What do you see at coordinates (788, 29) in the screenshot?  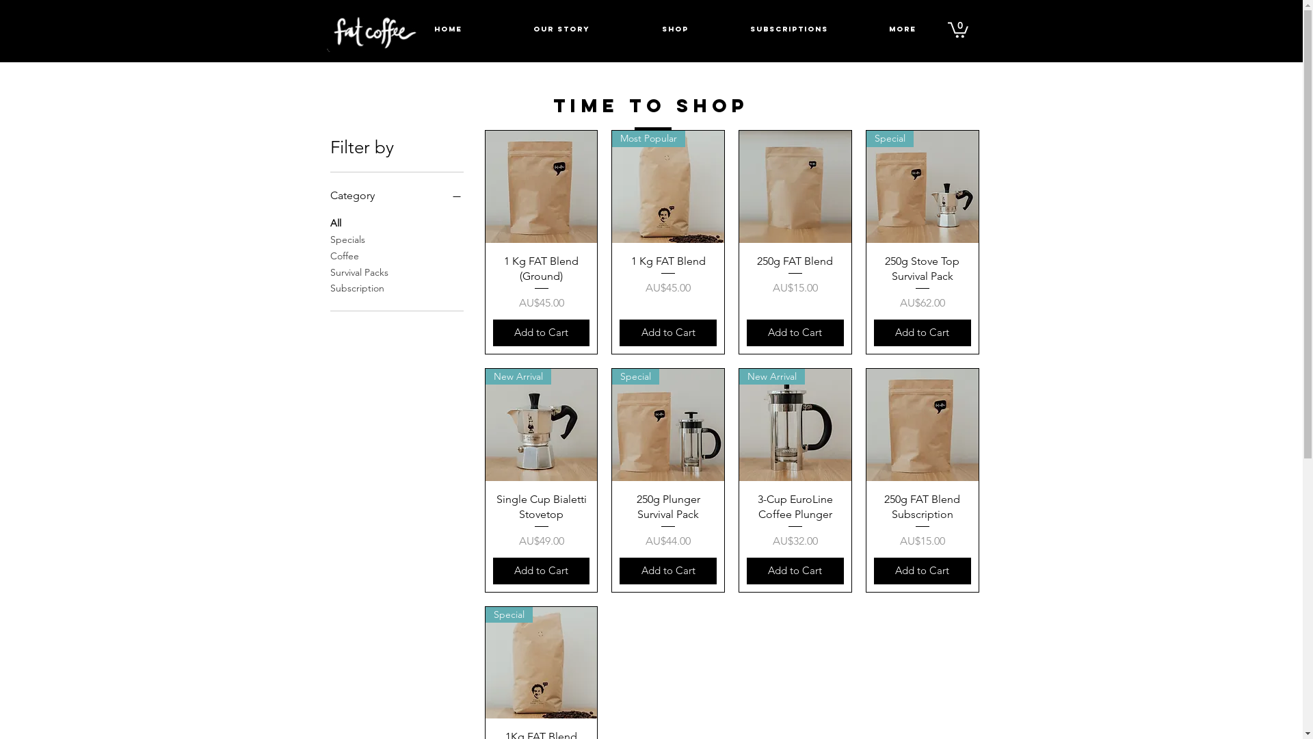 I see `'SUBSCRIPTIONS'` at bounding box center [788, 29].